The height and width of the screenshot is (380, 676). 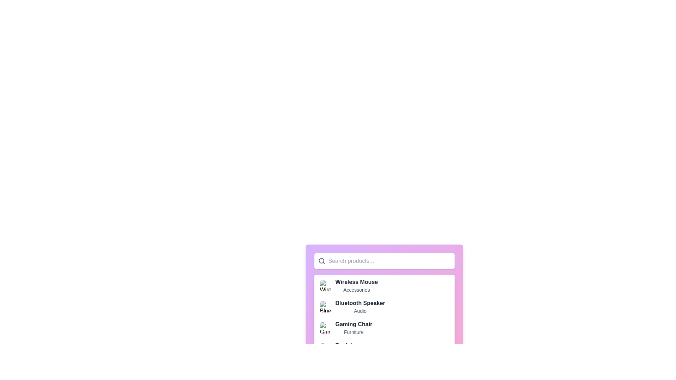 I want to click on the static text label displaying 'Wireless Mouse', which is styled in bold dark gray and located in the product list above the subtitle 'Accessories', so click(x=356, y=282).